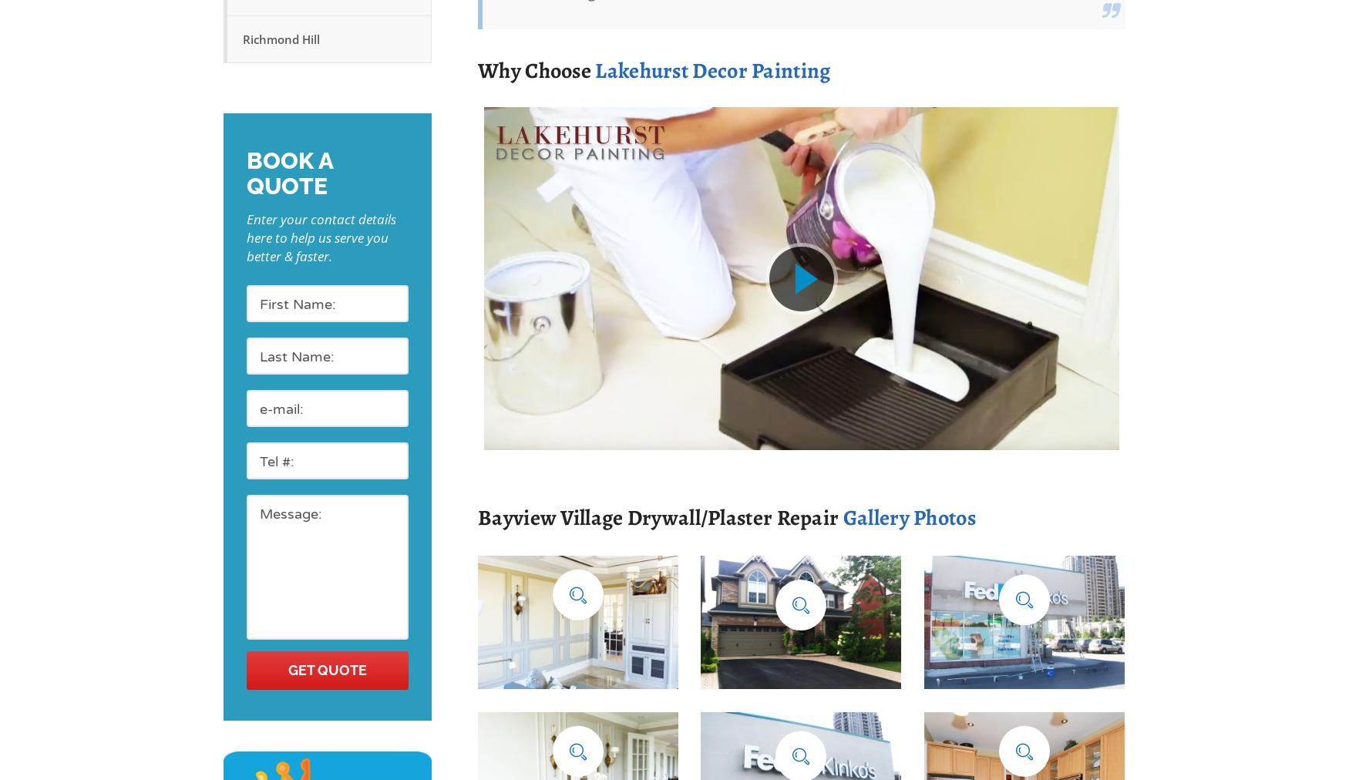  I want to click on '• Before', so click(963, 657).